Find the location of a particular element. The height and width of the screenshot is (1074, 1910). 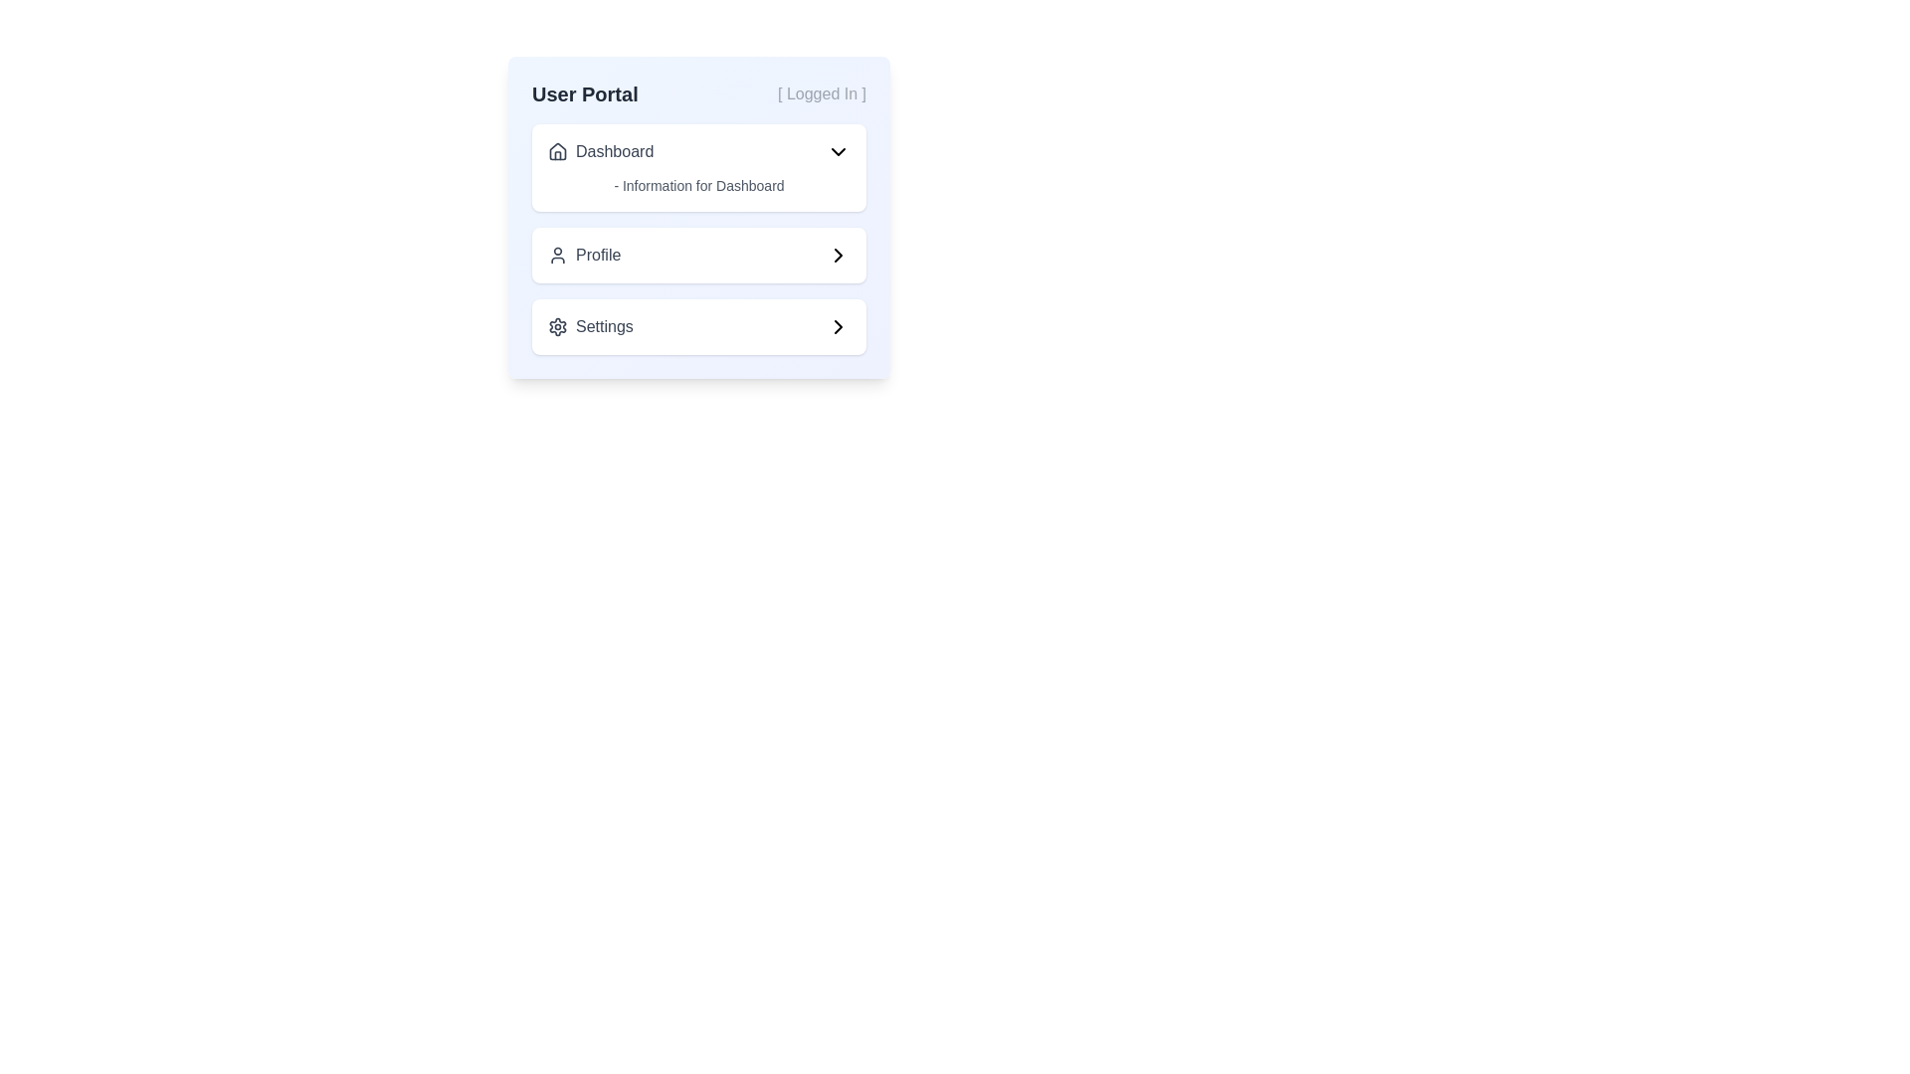

the arrow icon in the Profile section is located at coordinates (839, 255).